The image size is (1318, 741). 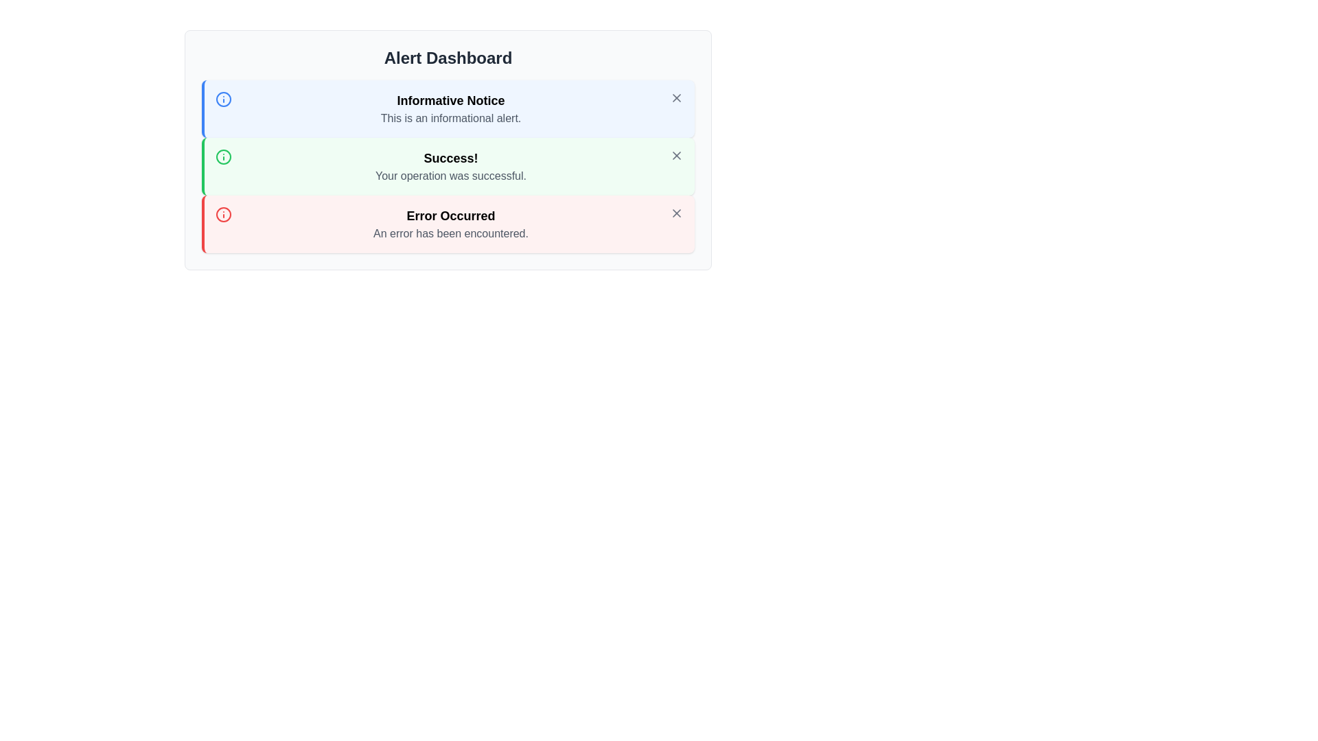 I want to click on the close button represented by a gray 'X' symbol that turns red on hover, located at the top-right corner of the 'Error Occurred' alert message box, so click(x=676, y=213).